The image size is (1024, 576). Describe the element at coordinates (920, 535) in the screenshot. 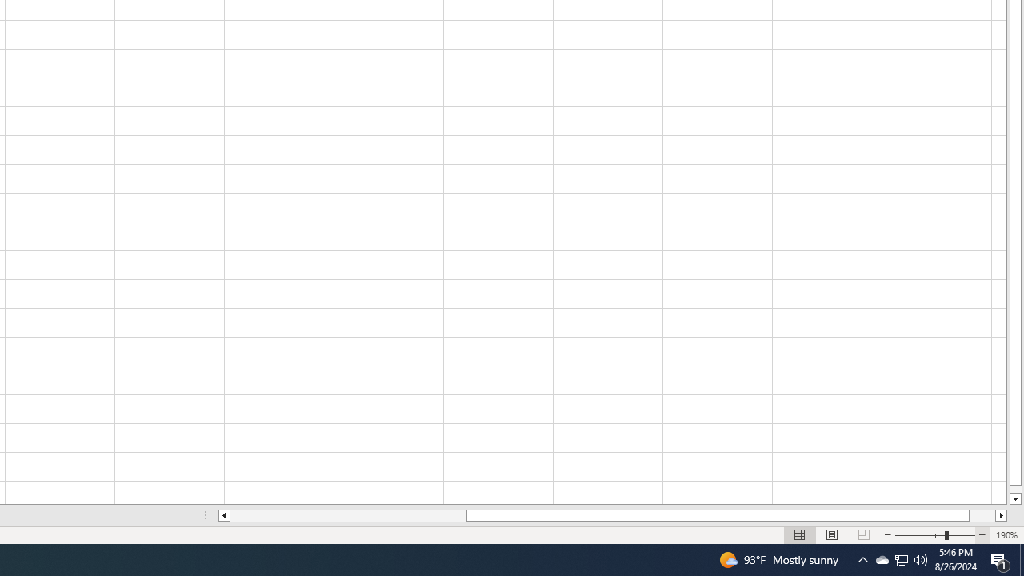

I see `'Zoom Out'` at that location.